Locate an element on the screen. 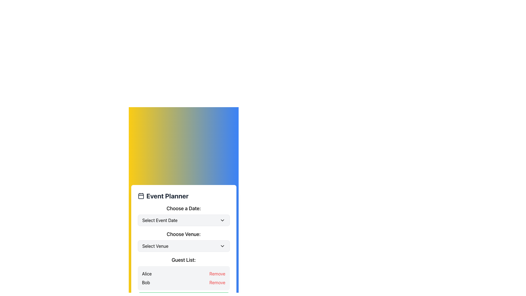 The width and height of the screenshot is (526, 296). text content of the label indicating the purpose of the dropdown menu below it, located in the 'Event Planner' card under 'Choose a Date:' section is located at coordinates (184, 234).